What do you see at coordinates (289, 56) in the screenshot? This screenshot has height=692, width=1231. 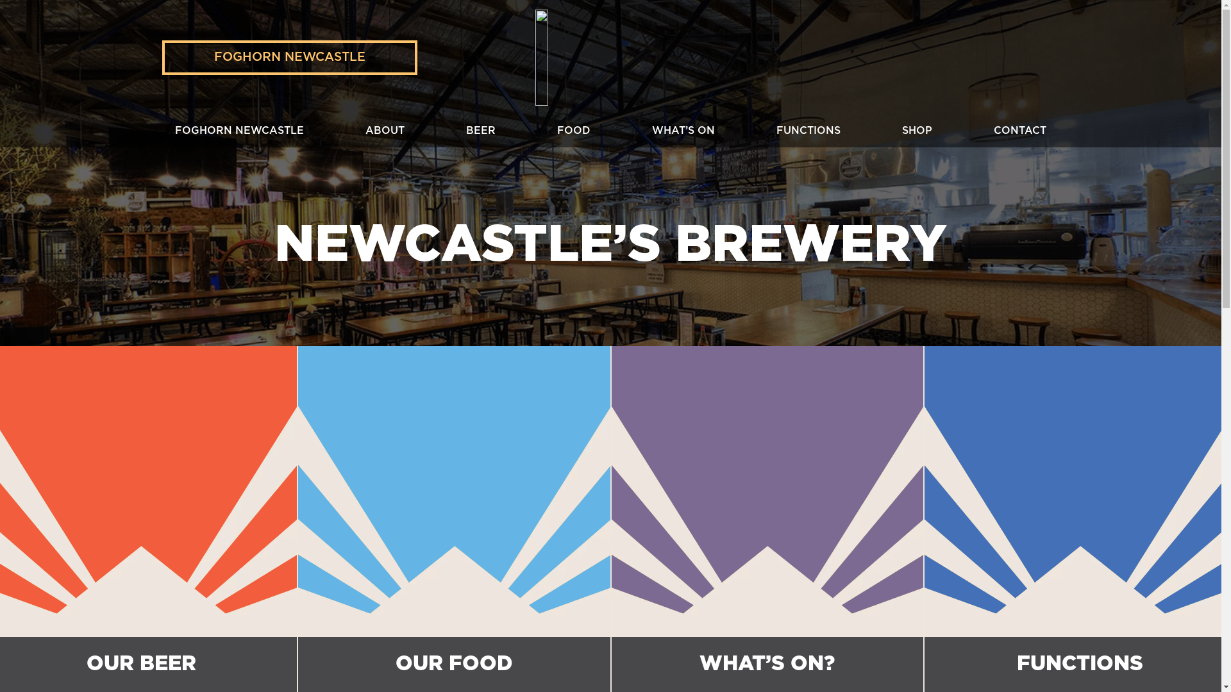 I see `'FOGHORN NEWCASTLE'` at bounding box center [289, 56].